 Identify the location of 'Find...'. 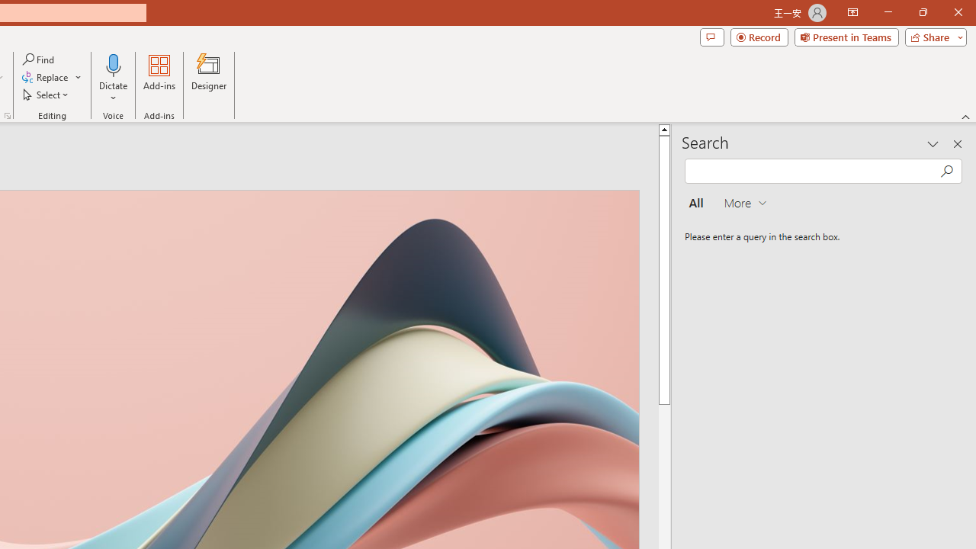
(39, 59).